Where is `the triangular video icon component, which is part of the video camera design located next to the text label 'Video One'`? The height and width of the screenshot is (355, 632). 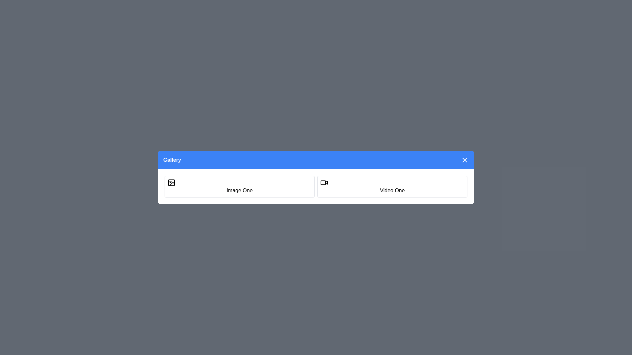 the triangular video icon component, which is part of the video camera design located next to the text label 'Video One' is located at coordinates (327, 182).